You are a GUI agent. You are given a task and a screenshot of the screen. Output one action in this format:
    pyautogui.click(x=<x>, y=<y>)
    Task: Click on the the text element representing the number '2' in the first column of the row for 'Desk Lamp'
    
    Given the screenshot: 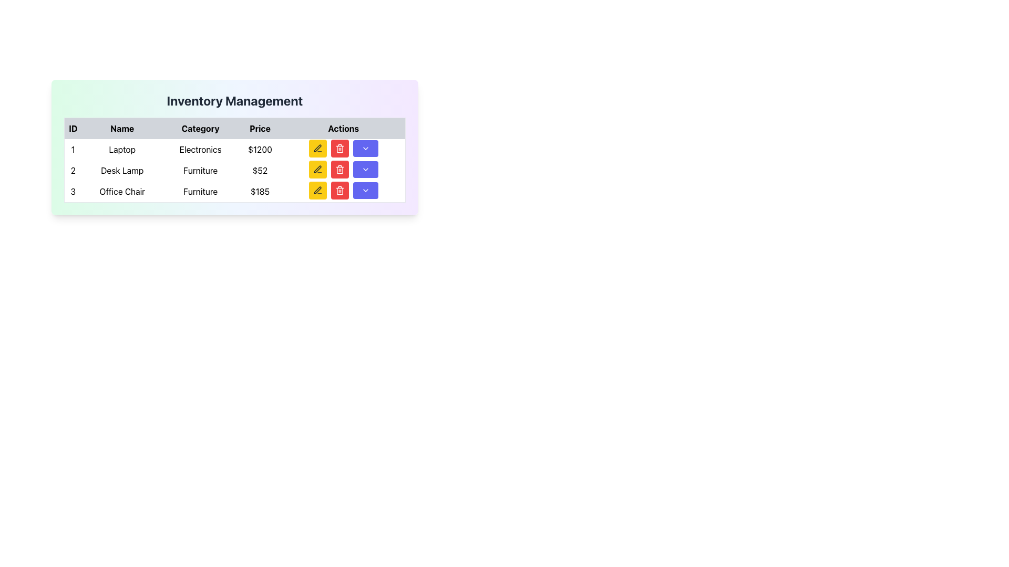 What is the action you would take?
    pyautogui.click(x=73, y=170)
    